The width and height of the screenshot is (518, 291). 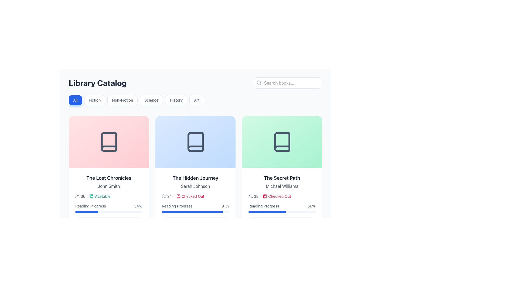 I want to click on the bookmark icon located in the middle of the second card in a horizontal row of three cards, adjacent to the 'Checked Out' text, so click(x=178, y=196).